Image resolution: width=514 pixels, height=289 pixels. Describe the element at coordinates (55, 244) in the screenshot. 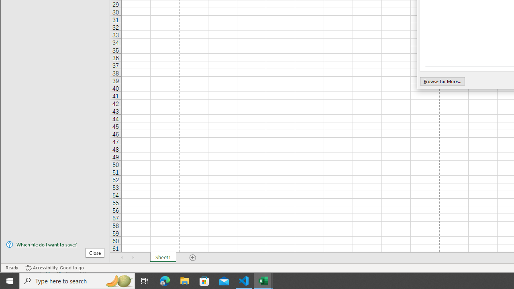

I see `'Which file do I want to save?'` at that location.